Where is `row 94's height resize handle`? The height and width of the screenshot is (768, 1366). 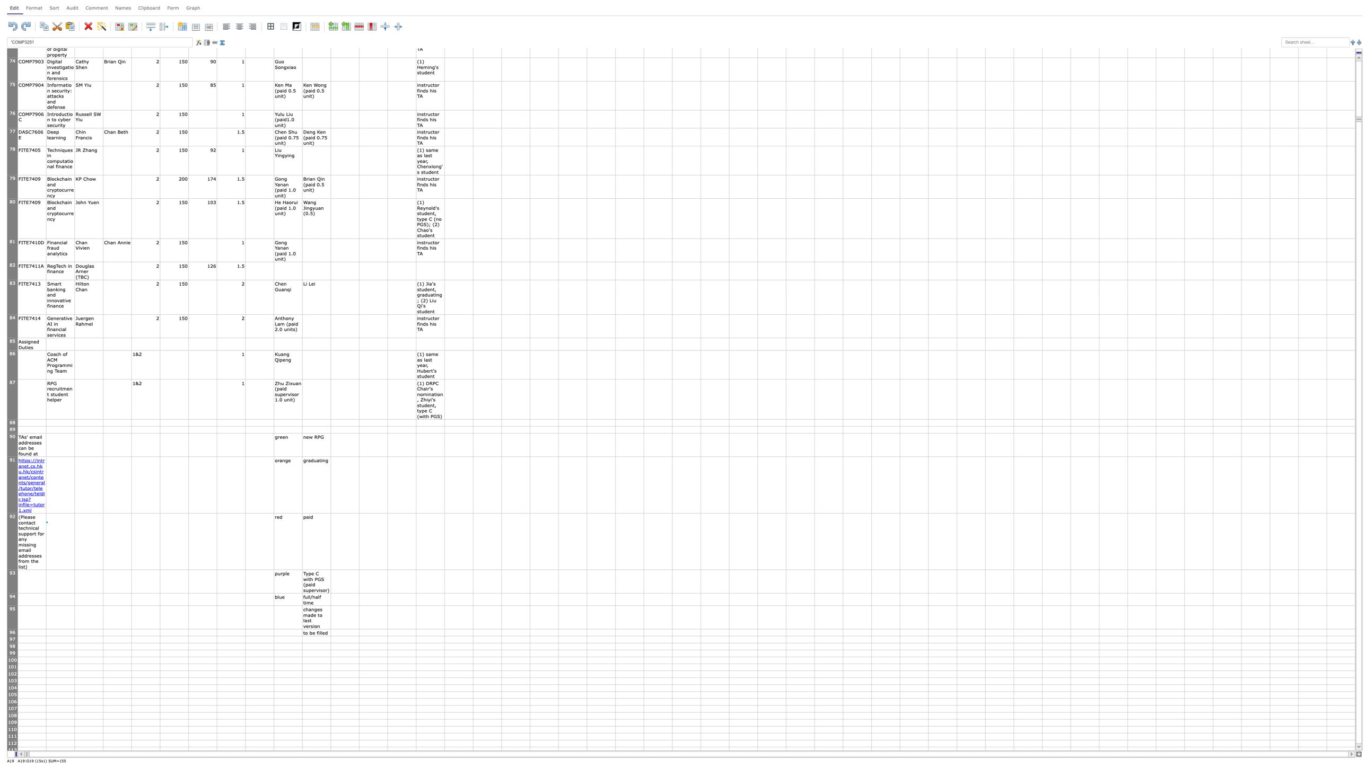 row 94's height resize handle is located at coordinates (12, 605).